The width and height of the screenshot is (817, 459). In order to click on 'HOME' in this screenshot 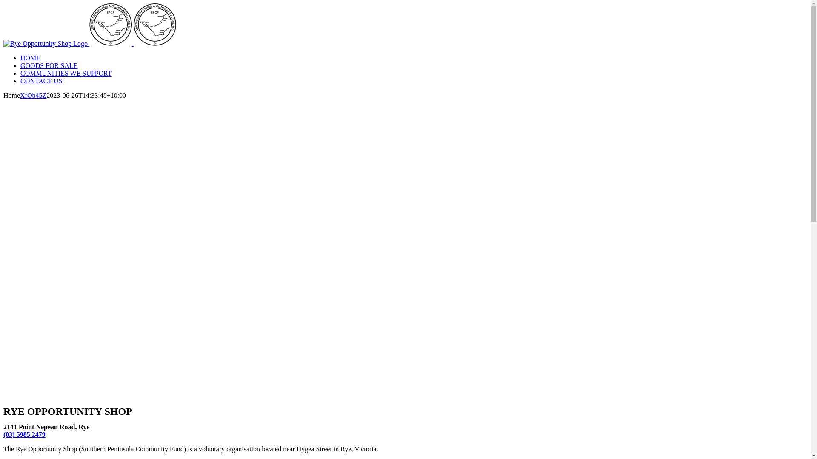, I will do `click(20, 57)`.